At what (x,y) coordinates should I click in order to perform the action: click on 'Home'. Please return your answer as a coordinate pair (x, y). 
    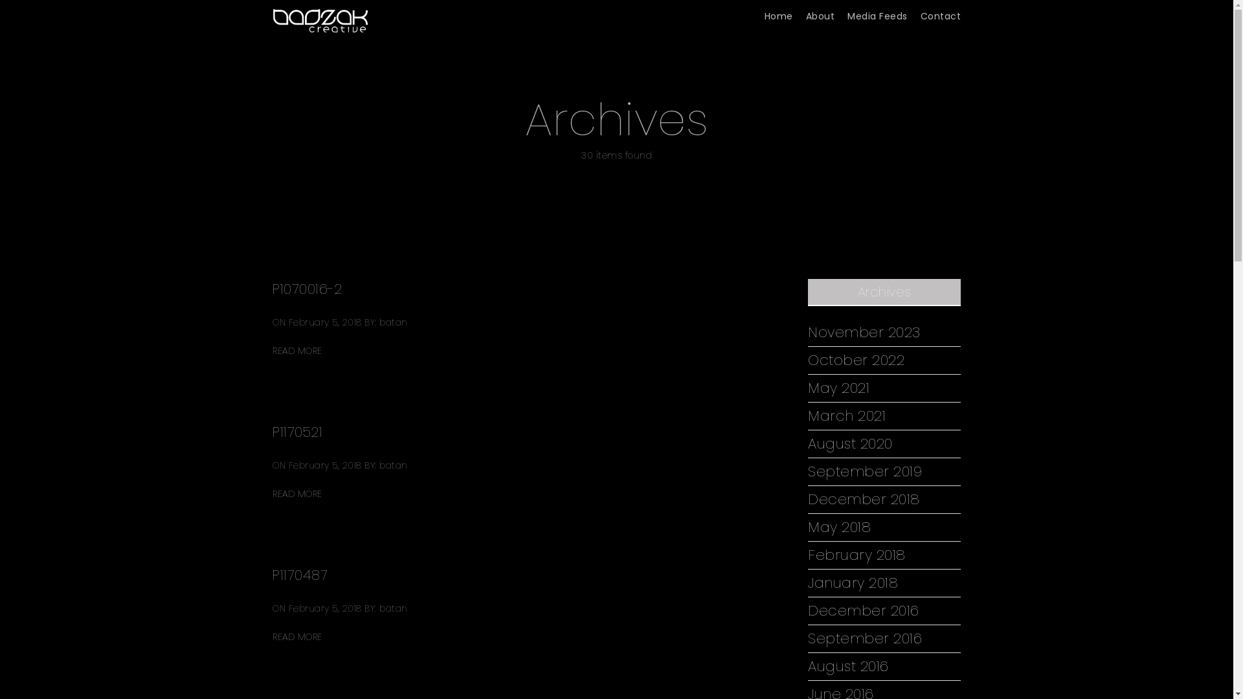
    Looking at the image, I should click on (777, 17).